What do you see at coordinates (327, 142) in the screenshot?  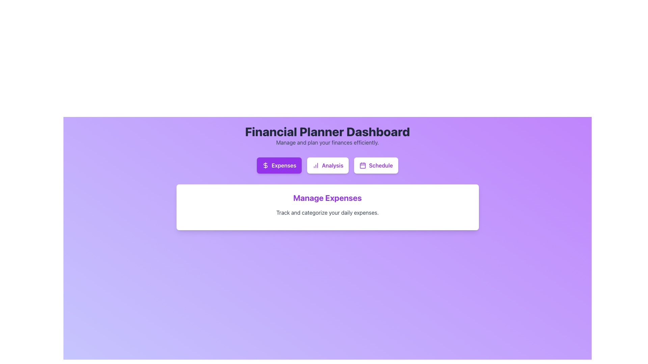 I see `text element that displays 'Manage and plan your finances efficiently.' styled in gray on a light purple gradient background, located below the heading 'Financial Planner Dashboard'` at bounding box center [327, 142].